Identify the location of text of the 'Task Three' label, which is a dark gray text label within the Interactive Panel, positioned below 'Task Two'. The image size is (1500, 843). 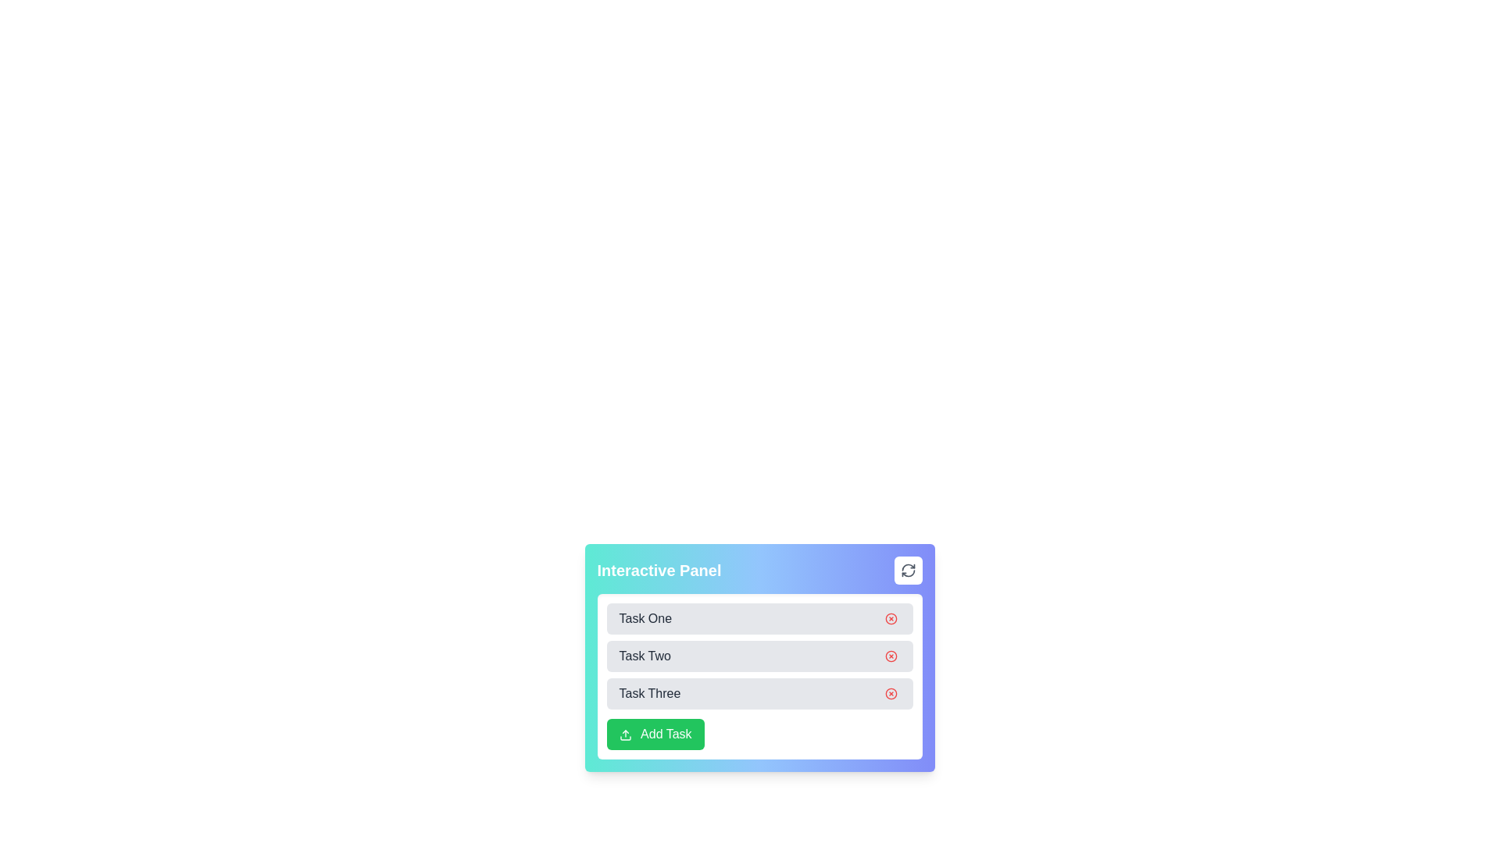
(649, 692).